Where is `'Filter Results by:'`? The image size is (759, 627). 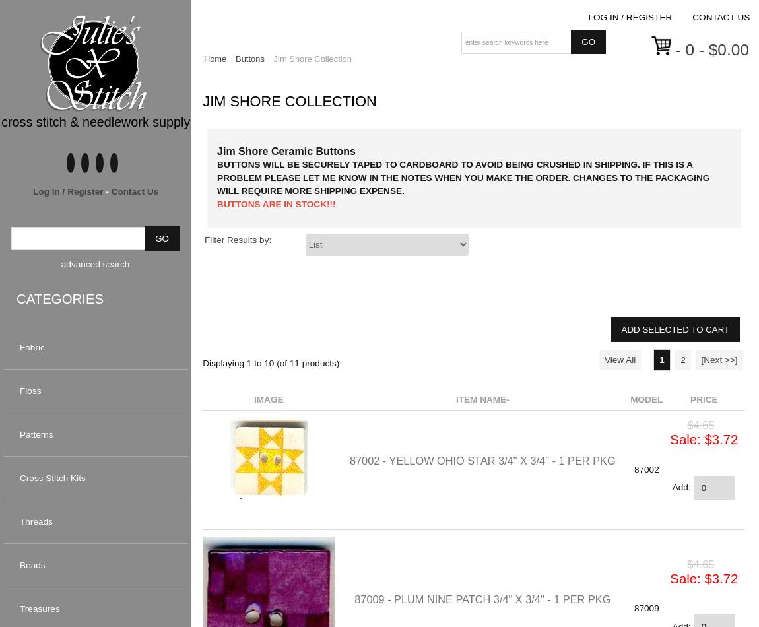
'Filter Results by:' is located at coordinates (238, 239).